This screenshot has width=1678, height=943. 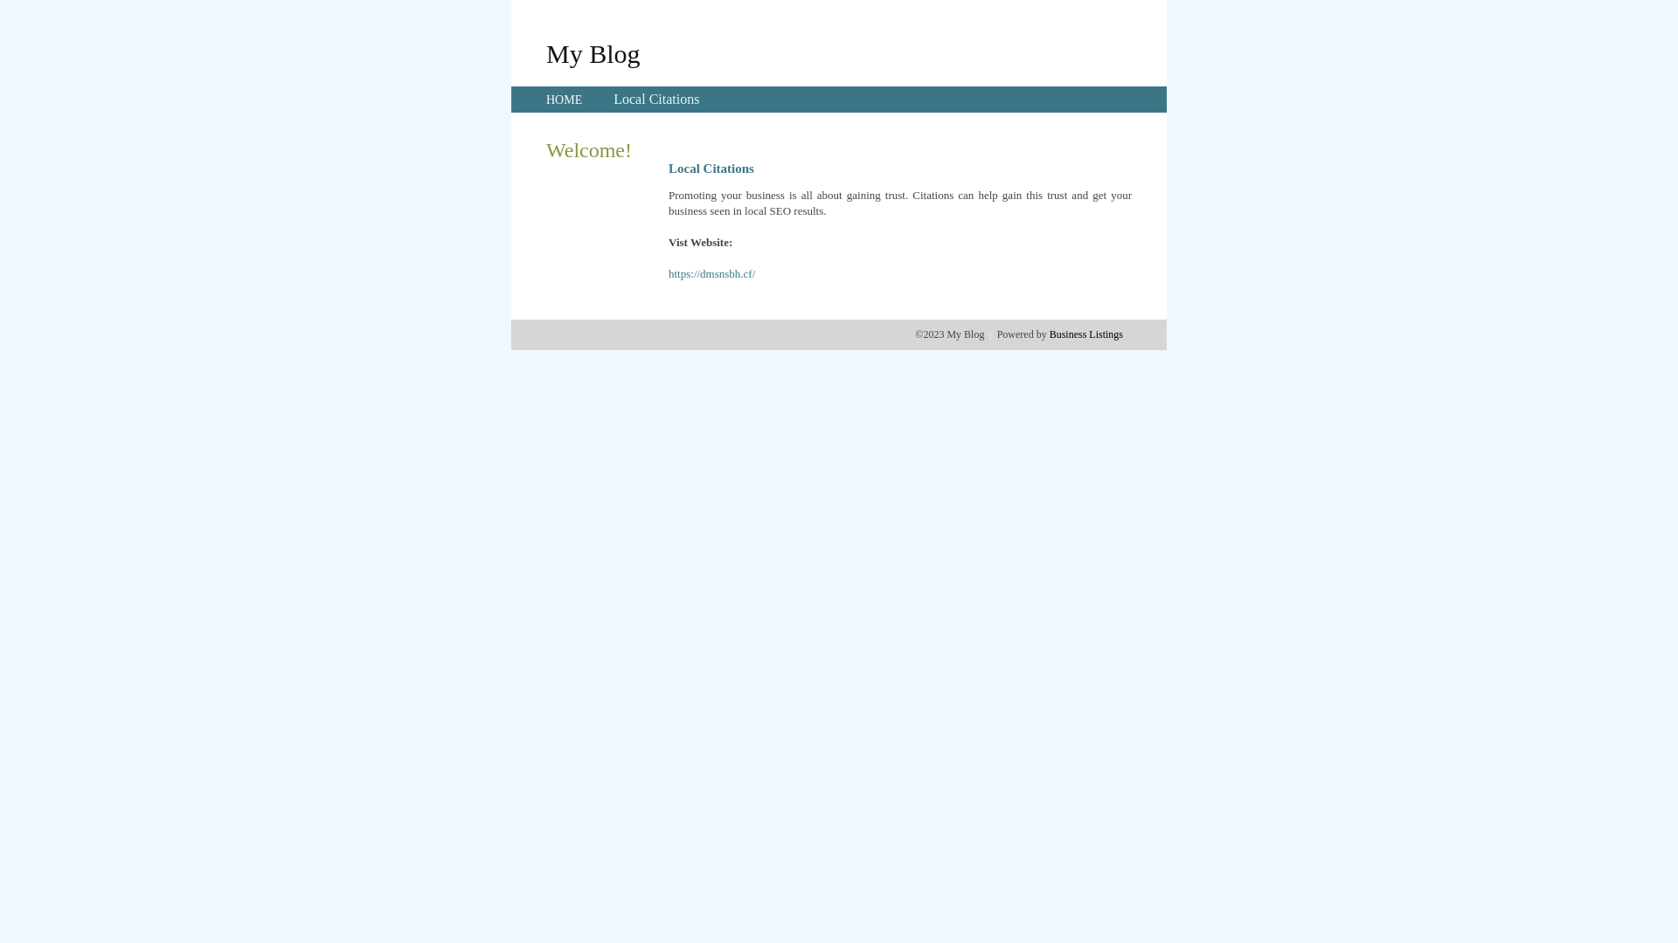 What do you see at coordinates (593, 52) in the screenshot?
I see `'My Blog'` at bounding box center [593, 52].